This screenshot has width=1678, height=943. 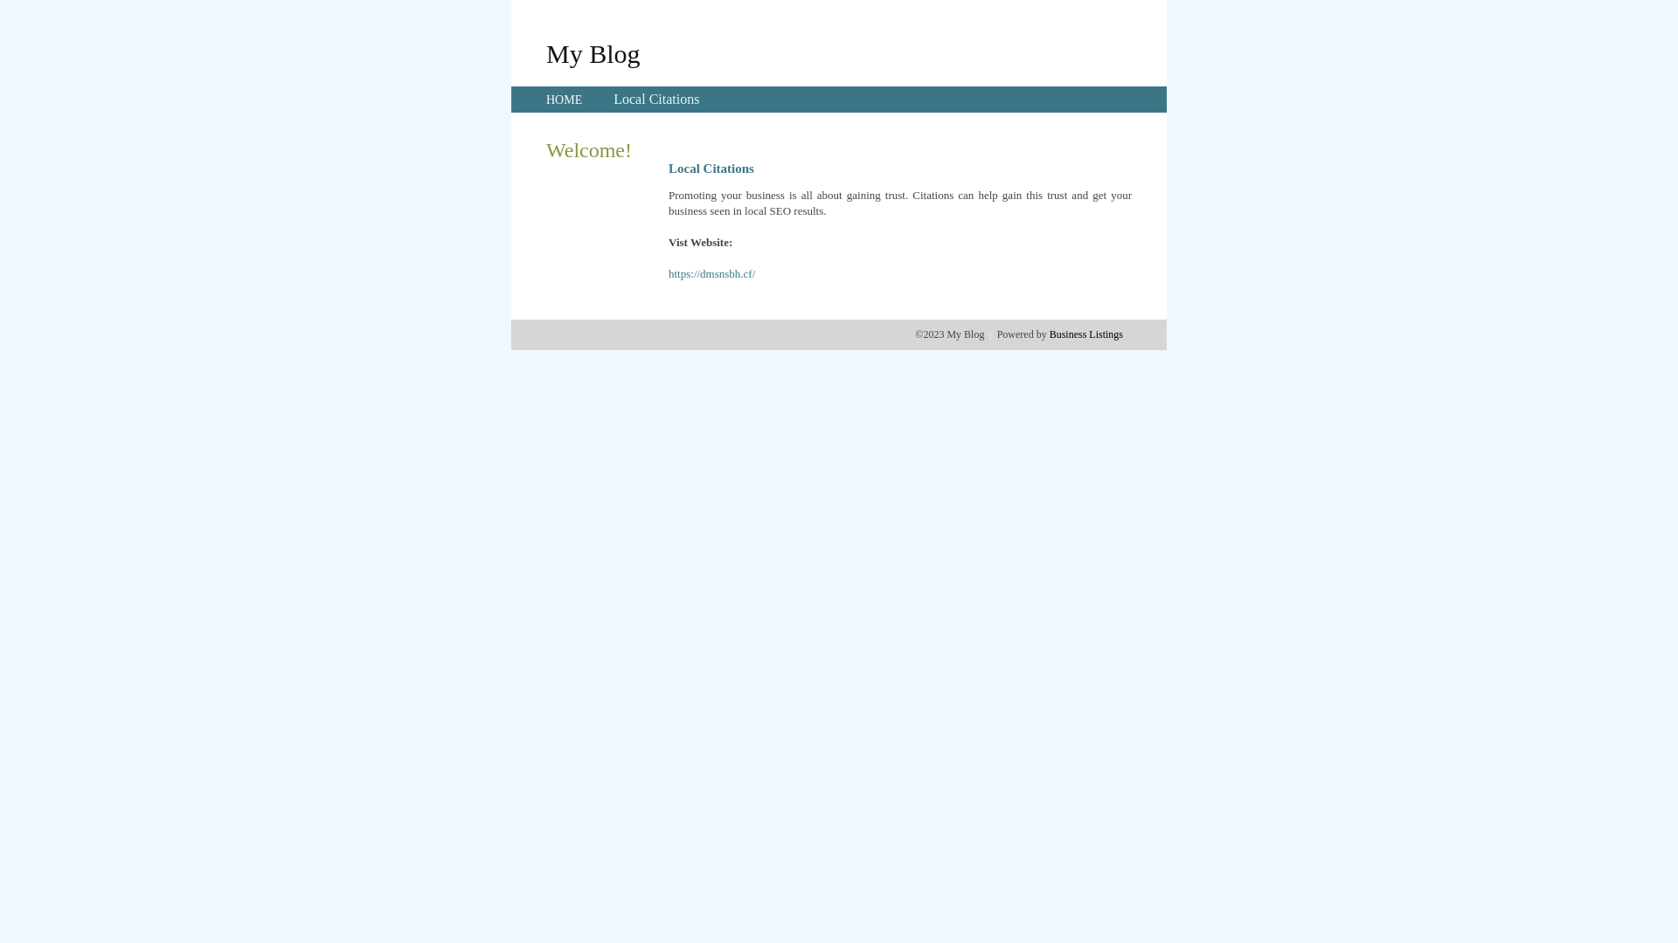 What do you see at coordinates (593, 52) in the screenshot?
I see `'My Blog'` at bounding box center [593, 52].